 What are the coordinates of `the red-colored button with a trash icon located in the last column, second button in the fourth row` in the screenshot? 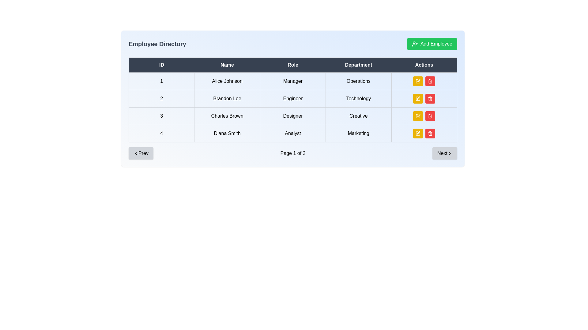 It's located at (430, 116).